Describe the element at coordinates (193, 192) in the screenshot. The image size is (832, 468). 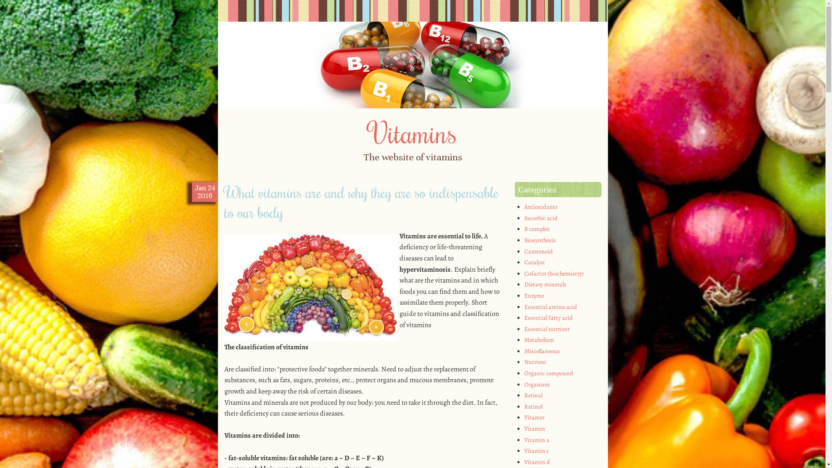
I see `'Jan 24 2016'` at that location.